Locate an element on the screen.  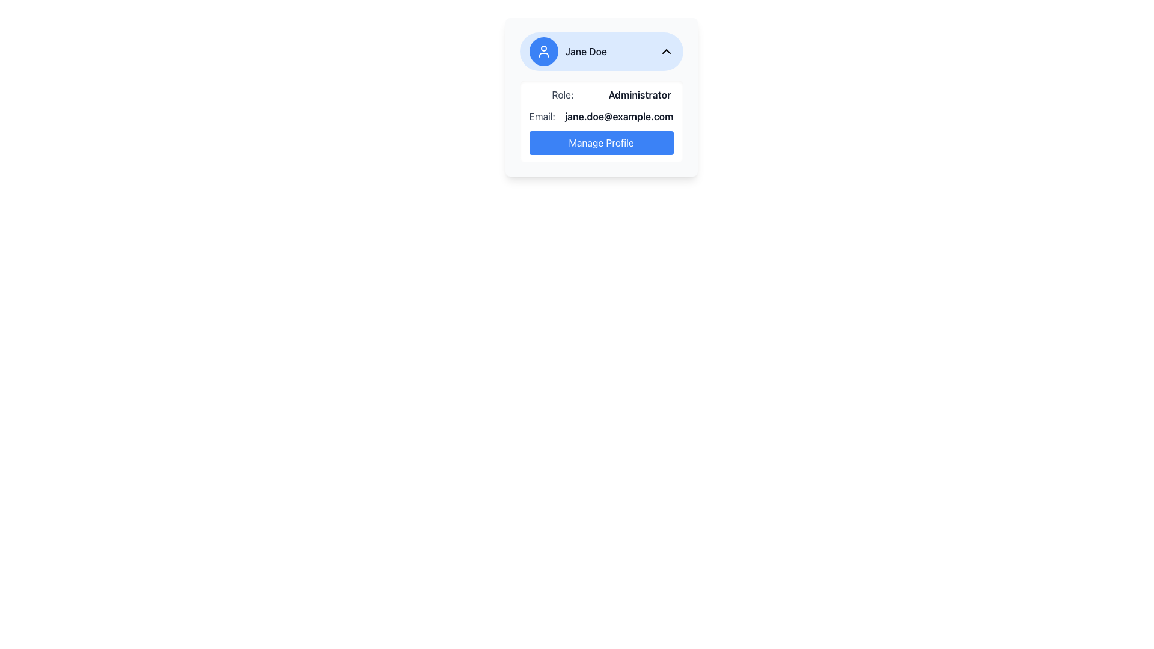
the interactive button labeled 'Jane Doe' with a user icon and an upward arrow is located at coordinates (601, 50).